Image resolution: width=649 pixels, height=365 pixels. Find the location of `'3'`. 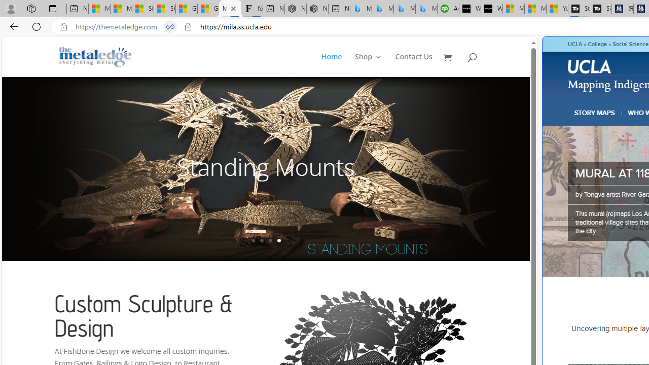

'3' is located at coordinates (270, 240).